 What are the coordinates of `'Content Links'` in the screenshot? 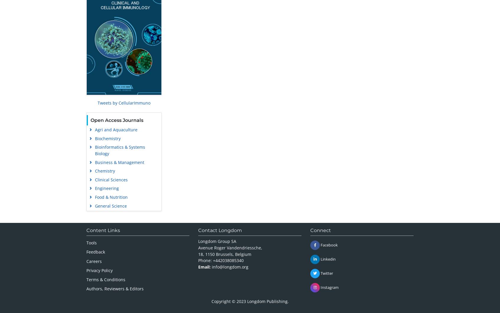 It's located at (103, 230).